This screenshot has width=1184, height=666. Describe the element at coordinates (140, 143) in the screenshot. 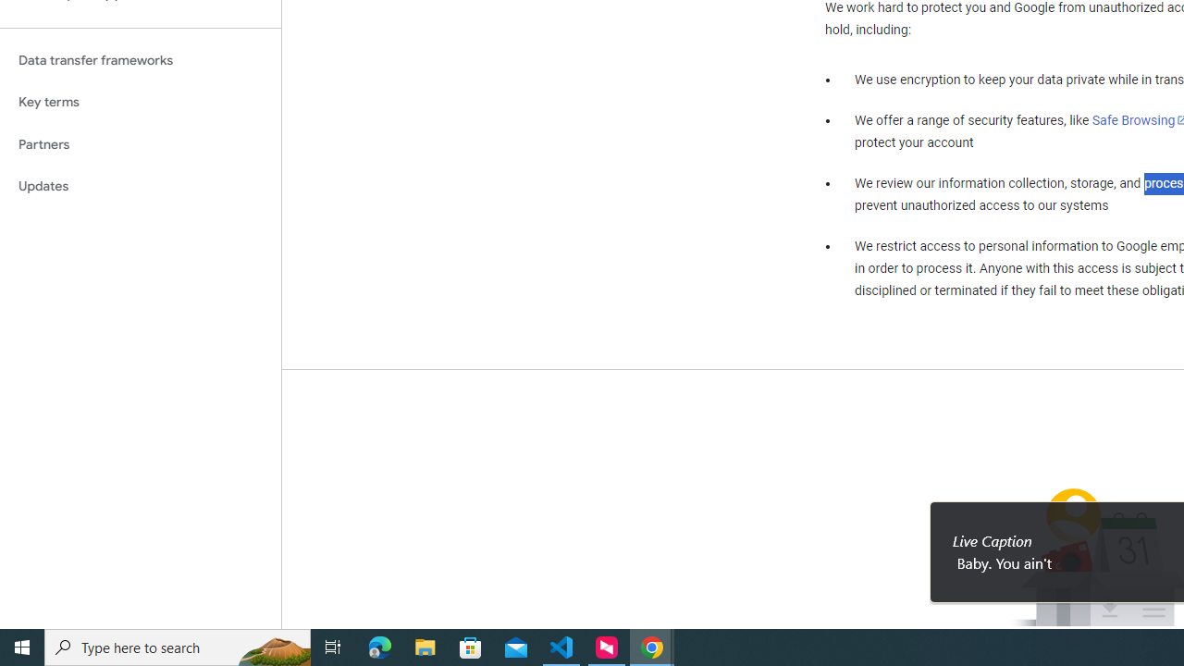

I see `'Partners'` at that location.